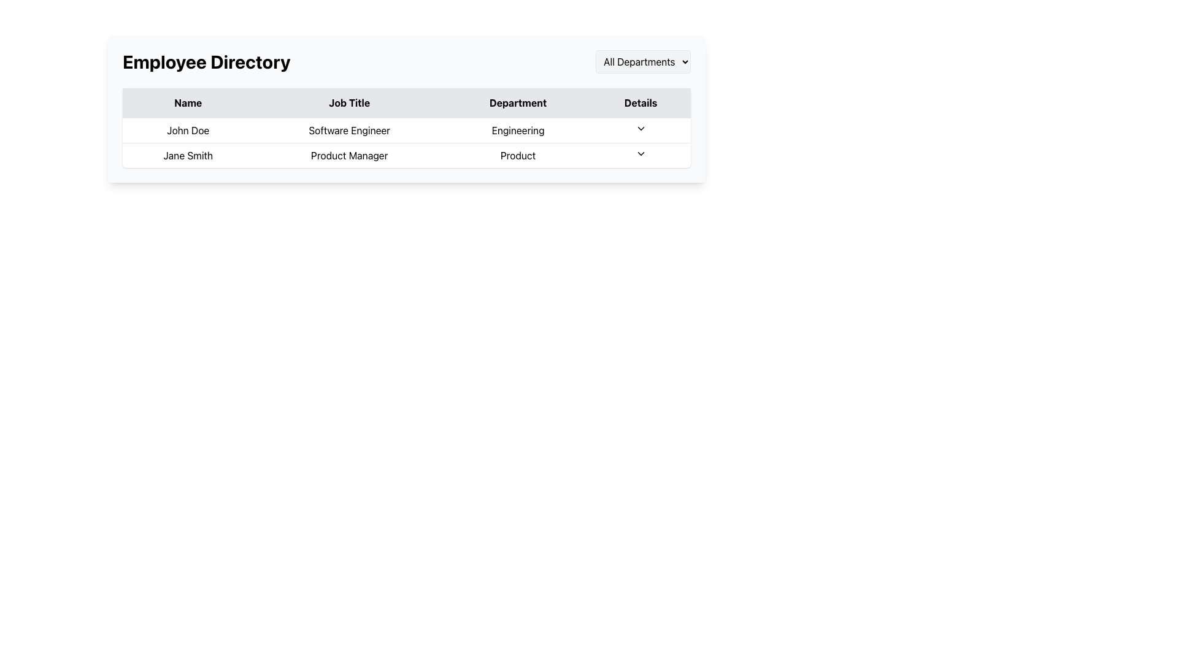 The image size is (1178, 662). What do you see at coordinates (640, 130) in the screenshot?
I see `the small downward-pointing arrow (caret) icon in the 'Details' column of the row for 'John Doe'` at bounding box center [640, 130].